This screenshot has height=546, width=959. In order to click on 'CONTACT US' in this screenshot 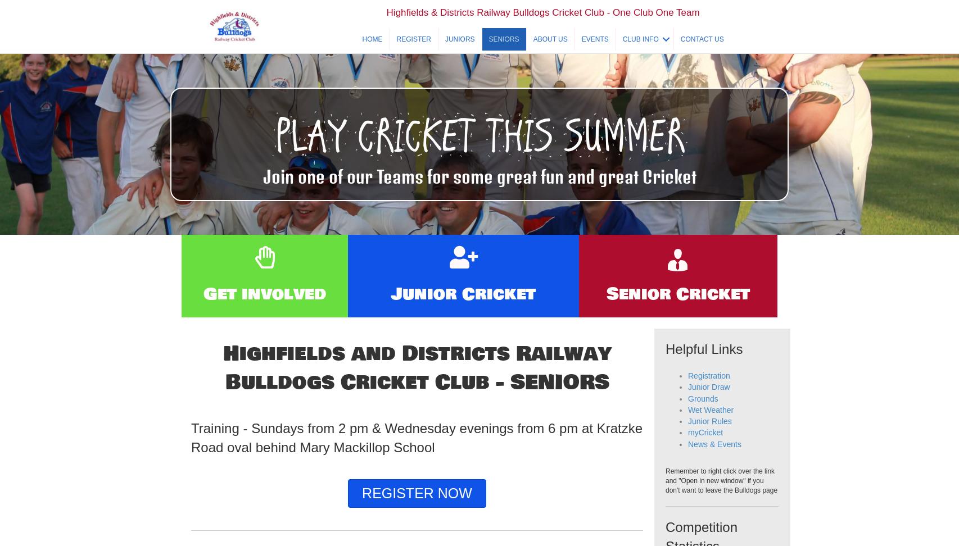, I will do `click(702, 51)`.